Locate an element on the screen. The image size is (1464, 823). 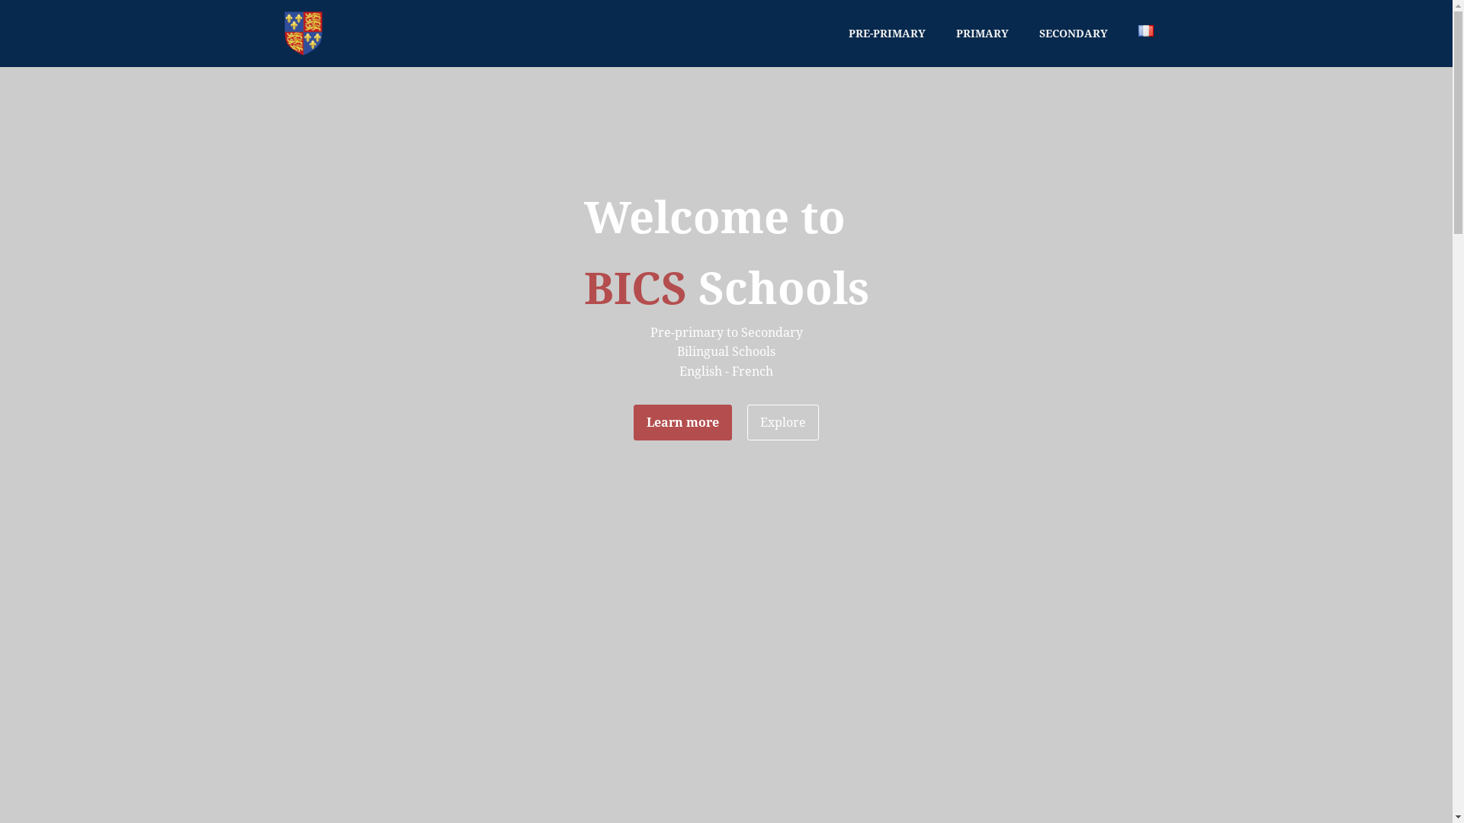
'PRIMARY' is located at coordinates (982, 33).